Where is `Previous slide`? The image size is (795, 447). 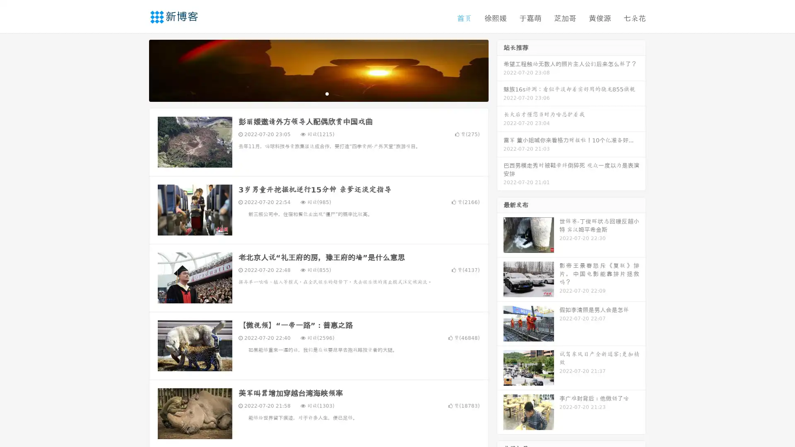 Previous slide is located at coordinates (137, 70).